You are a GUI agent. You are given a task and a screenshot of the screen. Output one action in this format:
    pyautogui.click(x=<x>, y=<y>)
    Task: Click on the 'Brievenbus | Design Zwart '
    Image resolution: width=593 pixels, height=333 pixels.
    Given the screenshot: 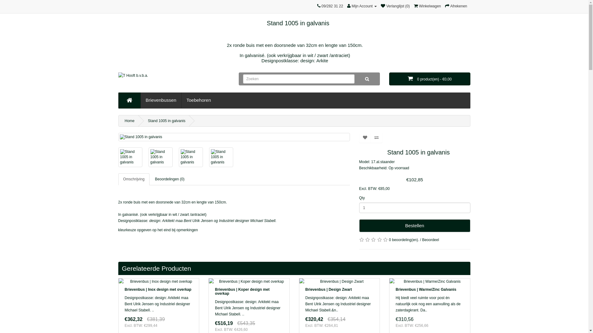 What is the action you would take?
    pyautogui.click(x=339, y=282)
    